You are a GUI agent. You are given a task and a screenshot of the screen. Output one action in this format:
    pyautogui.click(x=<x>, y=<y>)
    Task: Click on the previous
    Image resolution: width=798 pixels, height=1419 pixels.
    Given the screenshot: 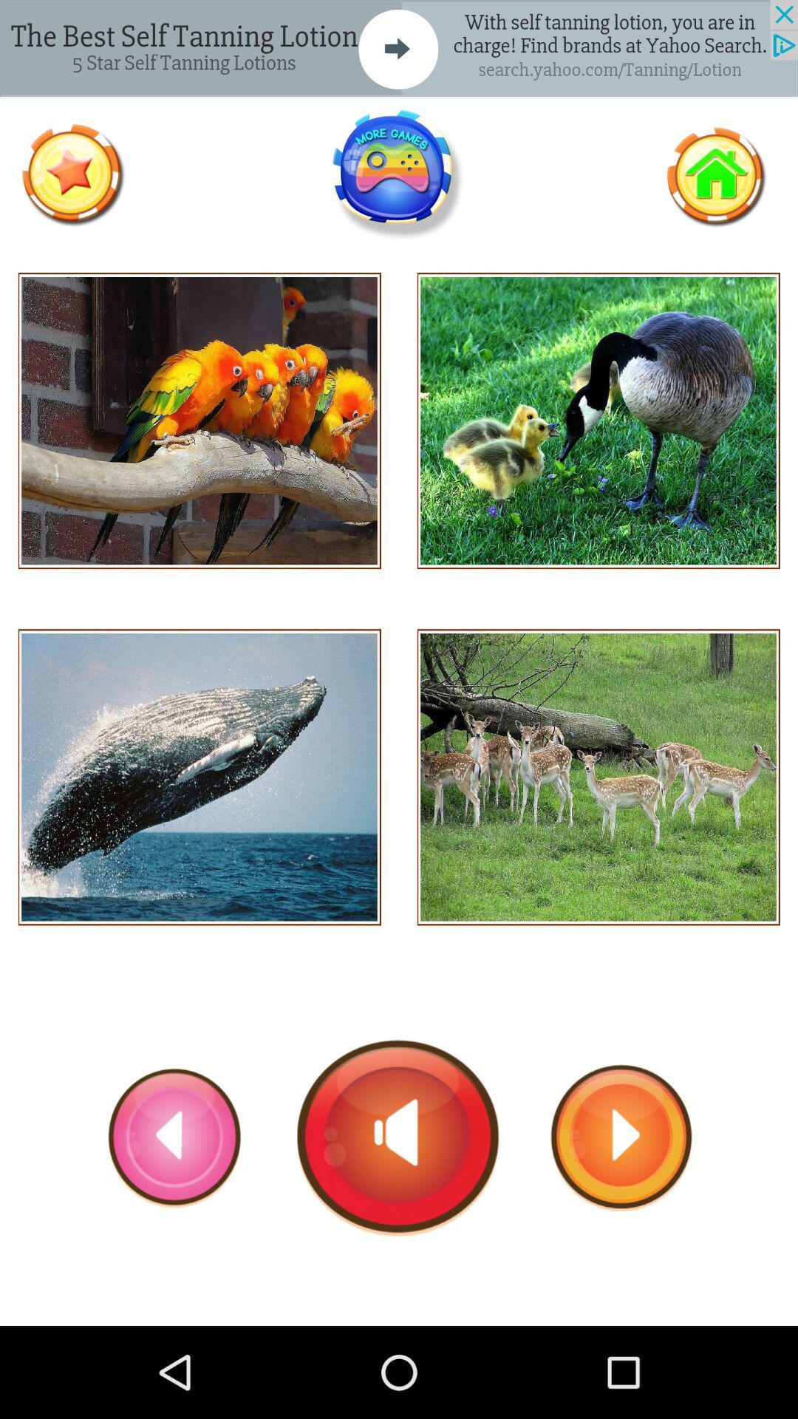 What is the action you would take?
    pyautogui.click(x=174, y=1137)
    